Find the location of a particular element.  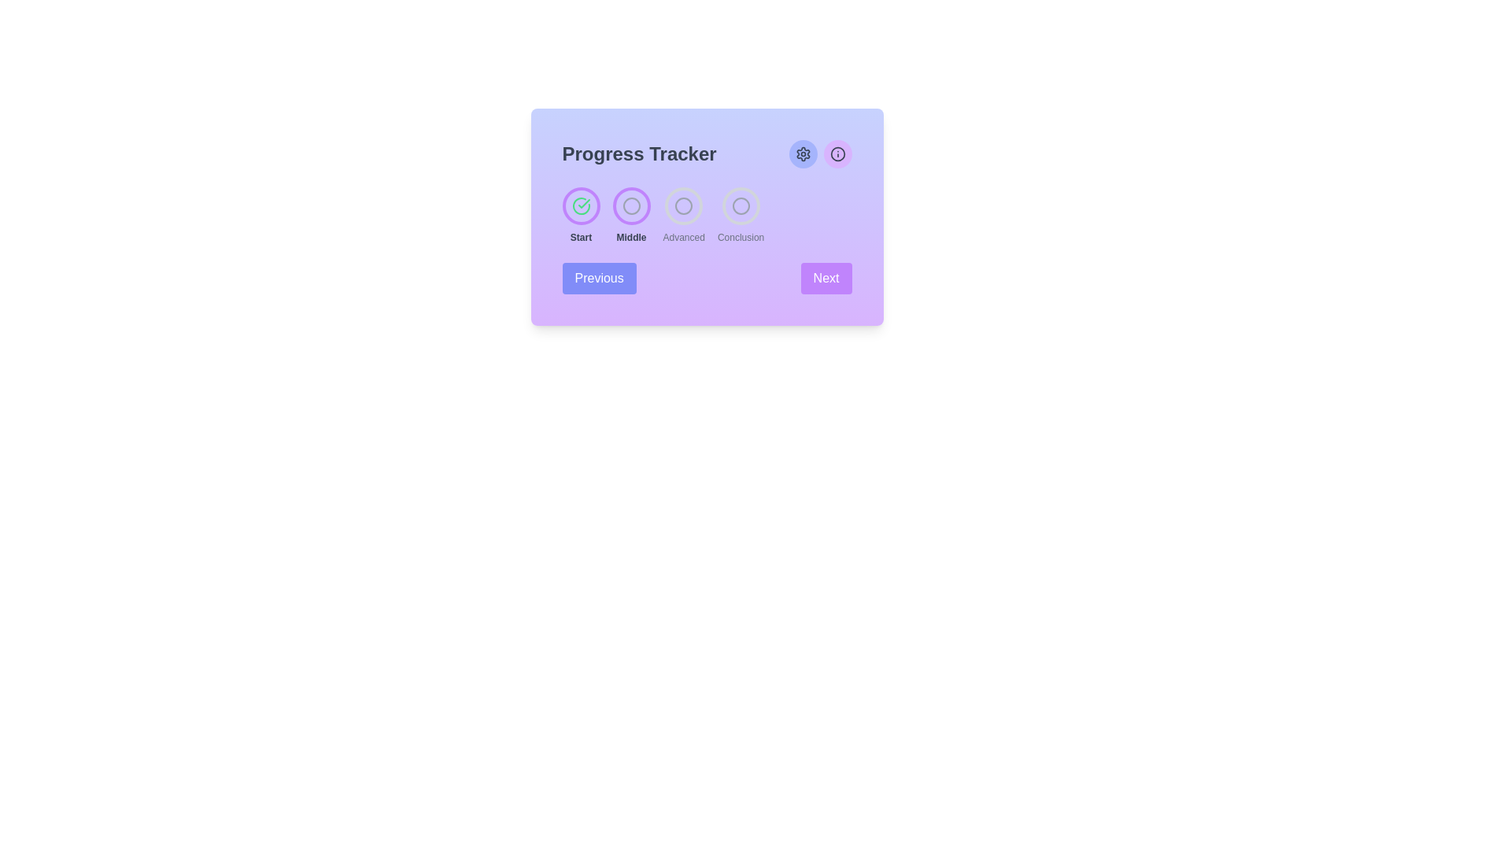

the 'Conclusion' step indicator, which is a circular icon with a light gray border and a text label below it is located at coordinates (740, 215).